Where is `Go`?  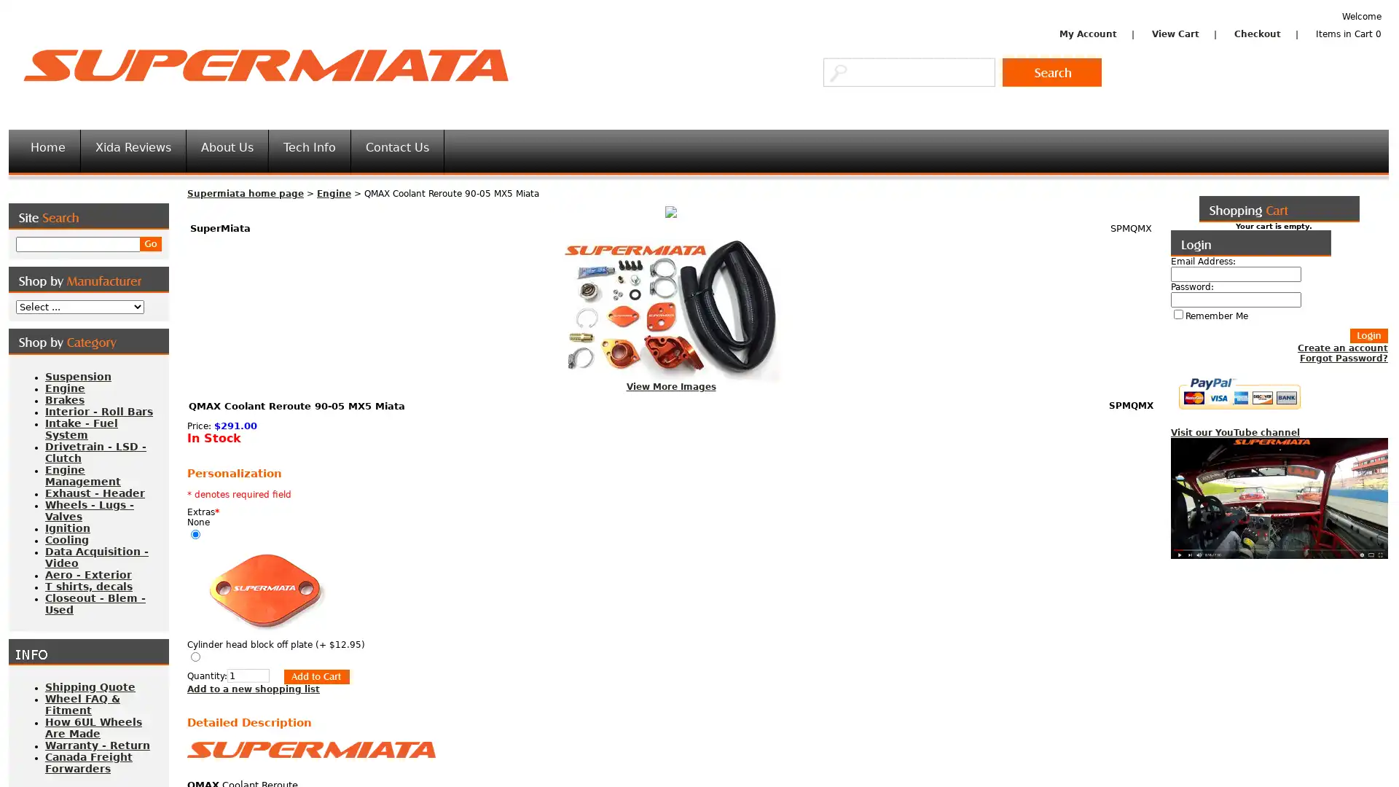
Go is located at coordinates (1052, 72).